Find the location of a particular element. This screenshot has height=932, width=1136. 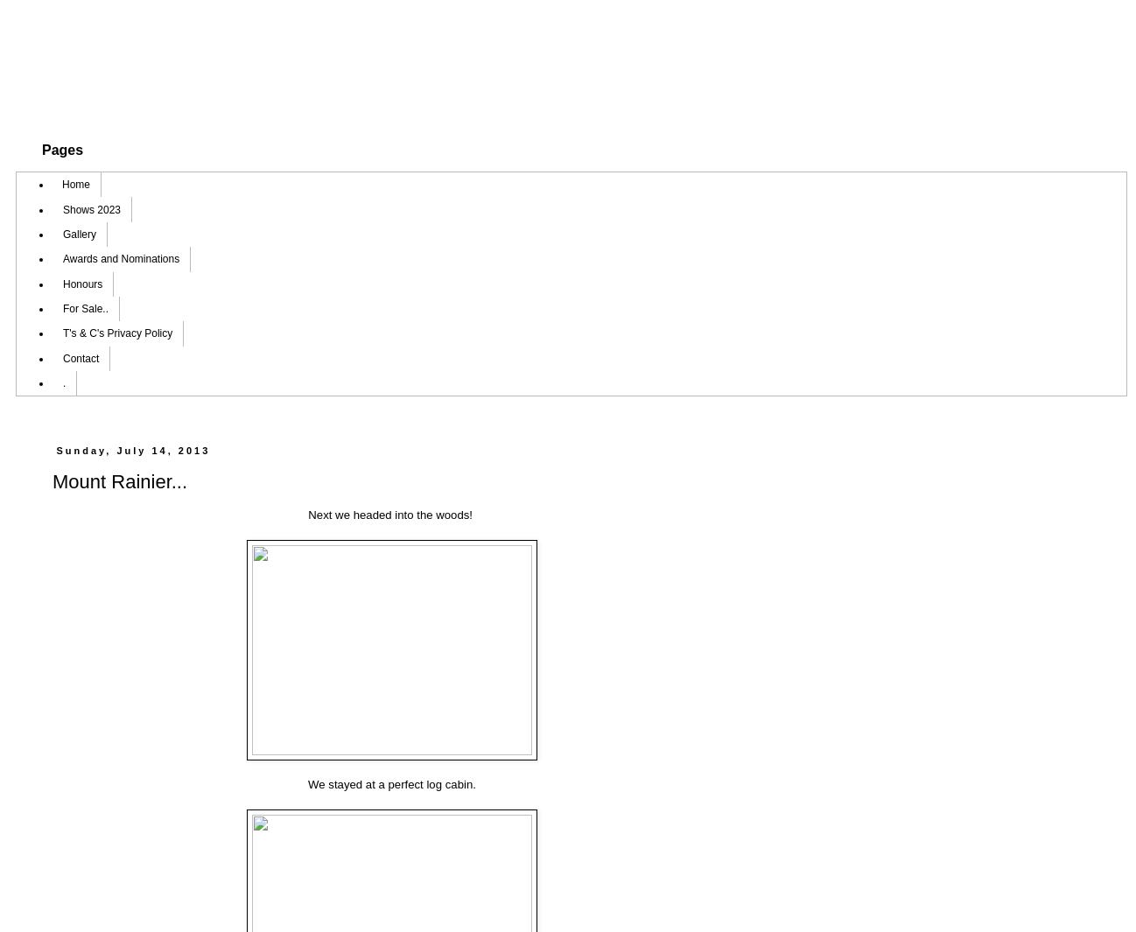

'Shows 2023' is located at coordinates (92, 207).